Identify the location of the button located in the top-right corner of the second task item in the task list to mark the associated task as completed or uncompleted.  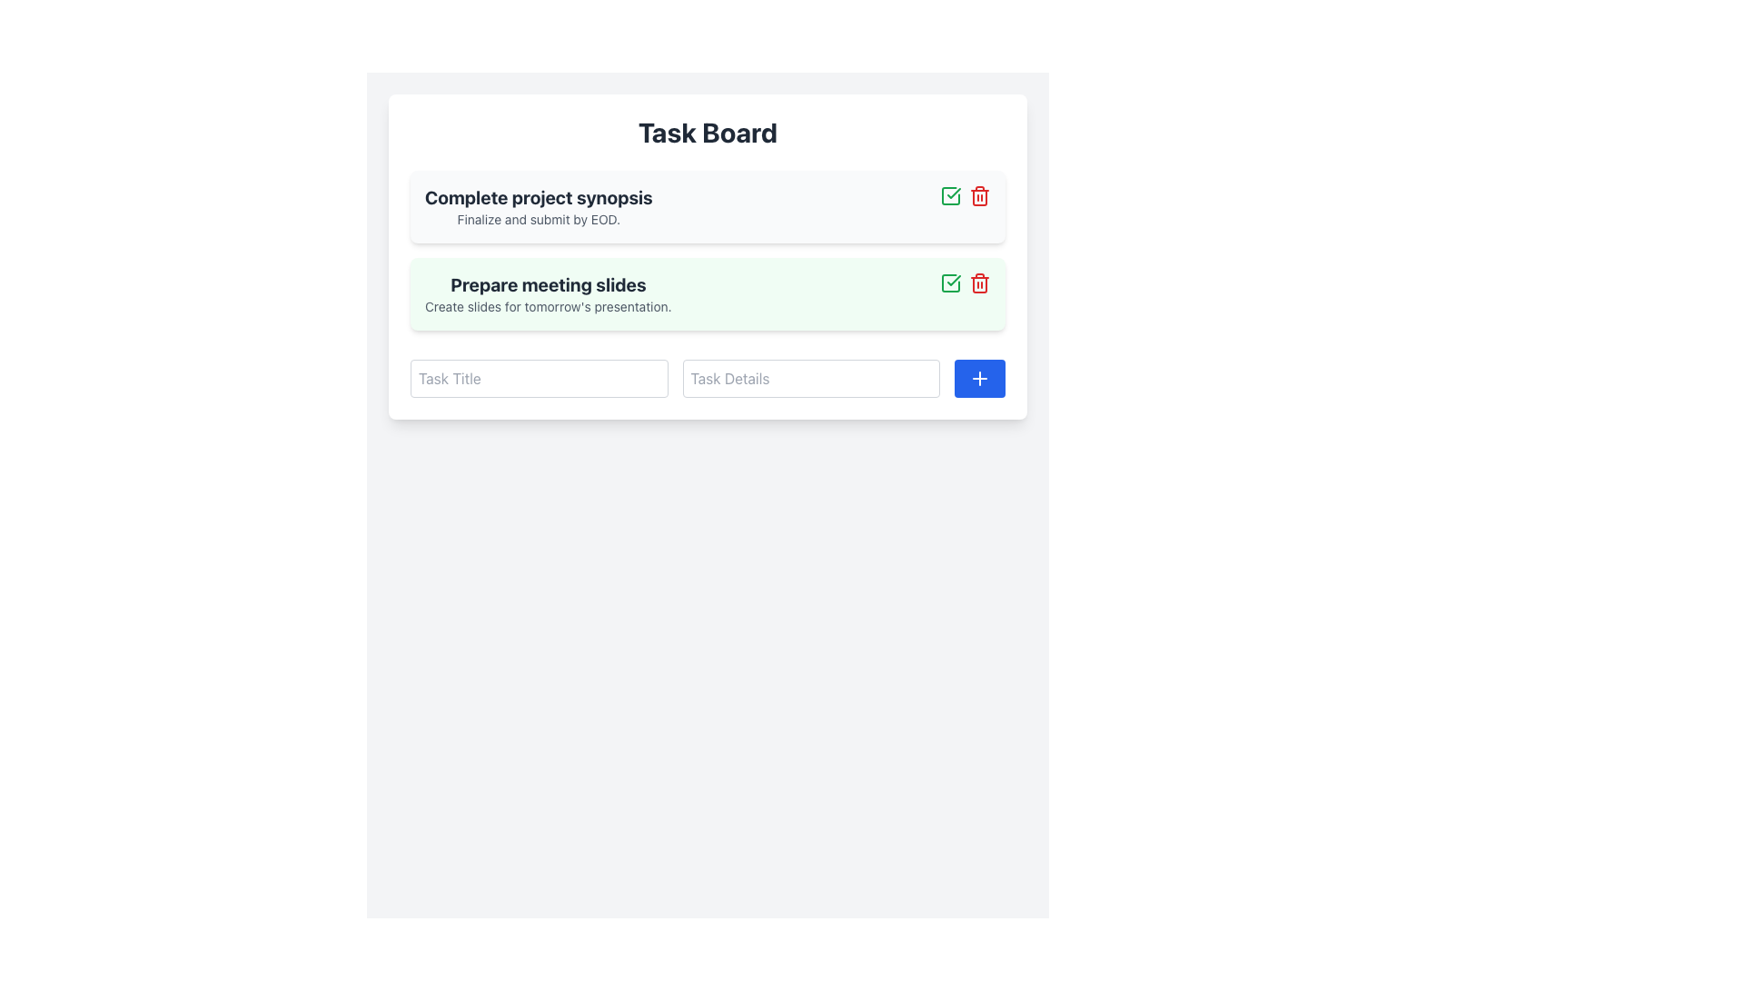
(949, 196).